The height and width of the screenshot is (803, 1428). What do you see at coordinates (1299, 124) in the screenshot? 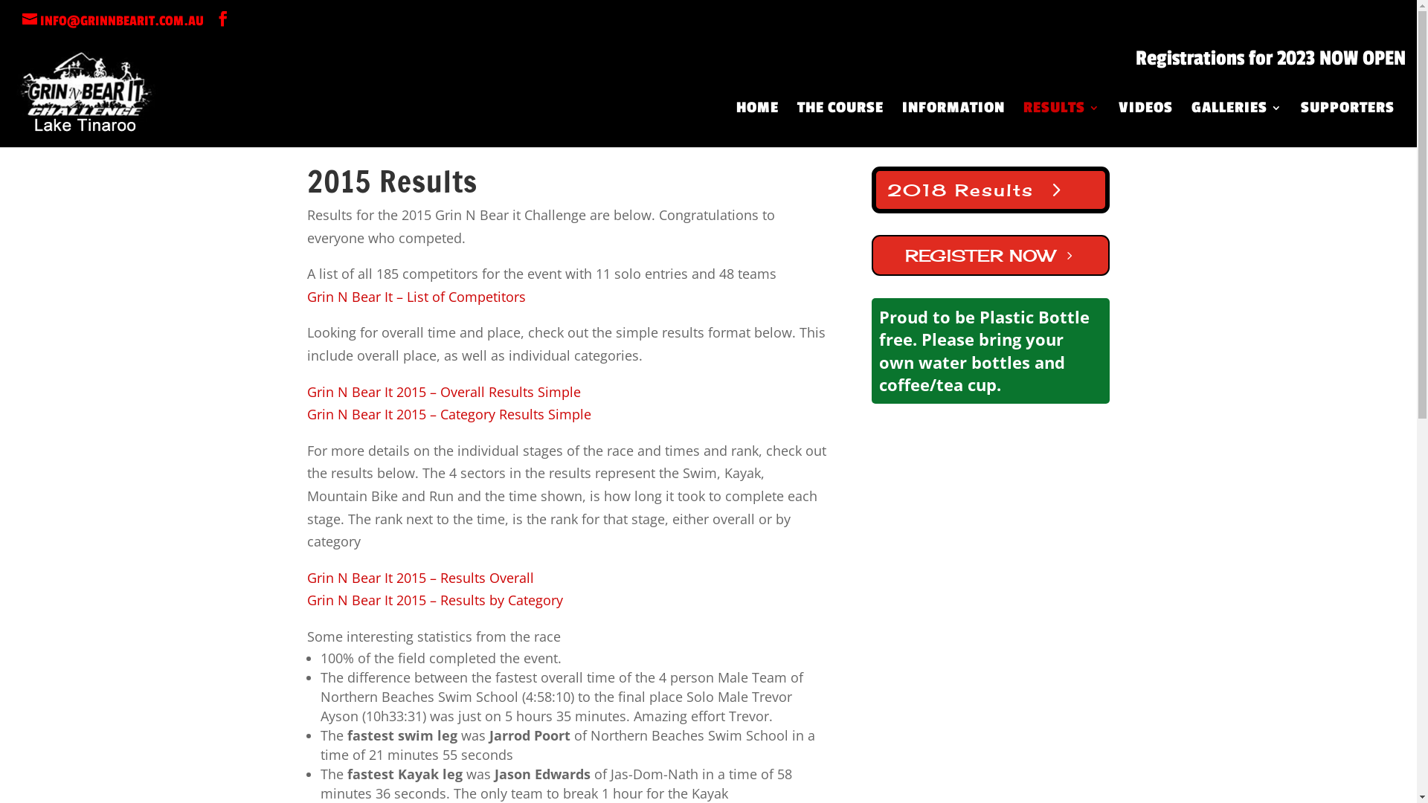
I see `'SUPPORTERS'` at bounding box center [1299, 124].